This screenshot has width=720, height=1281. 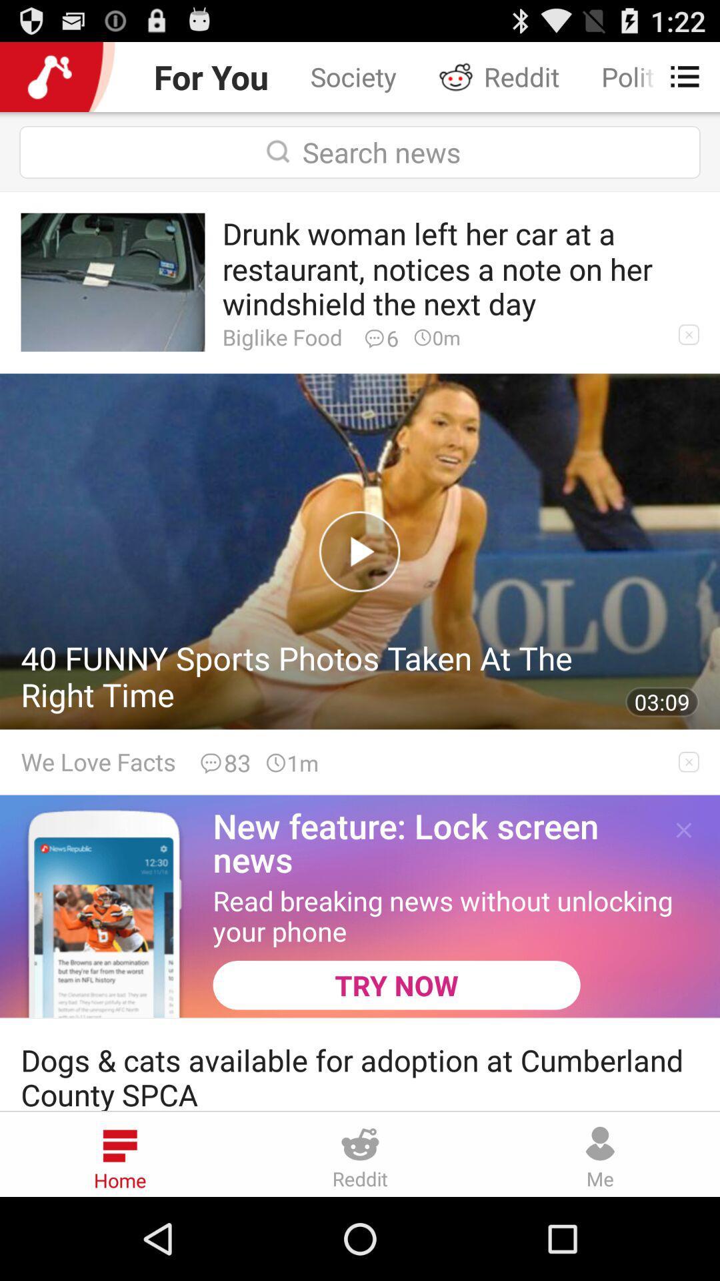 I want to click on the icon to the right of reddit item, so click(x=678, y=76).